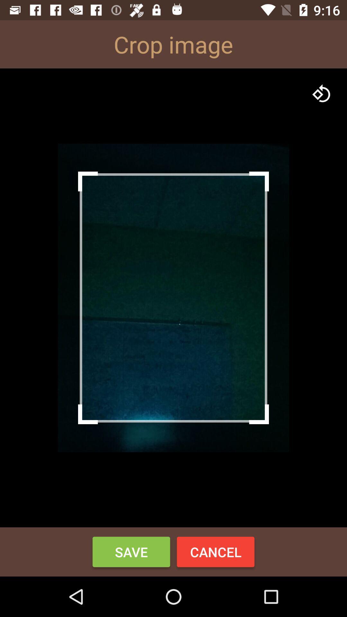 The height and width of the screenshot is (617, 347). Describe the element at coordinates (216, 551) in the screenshot. I see `cancel button` at that location.